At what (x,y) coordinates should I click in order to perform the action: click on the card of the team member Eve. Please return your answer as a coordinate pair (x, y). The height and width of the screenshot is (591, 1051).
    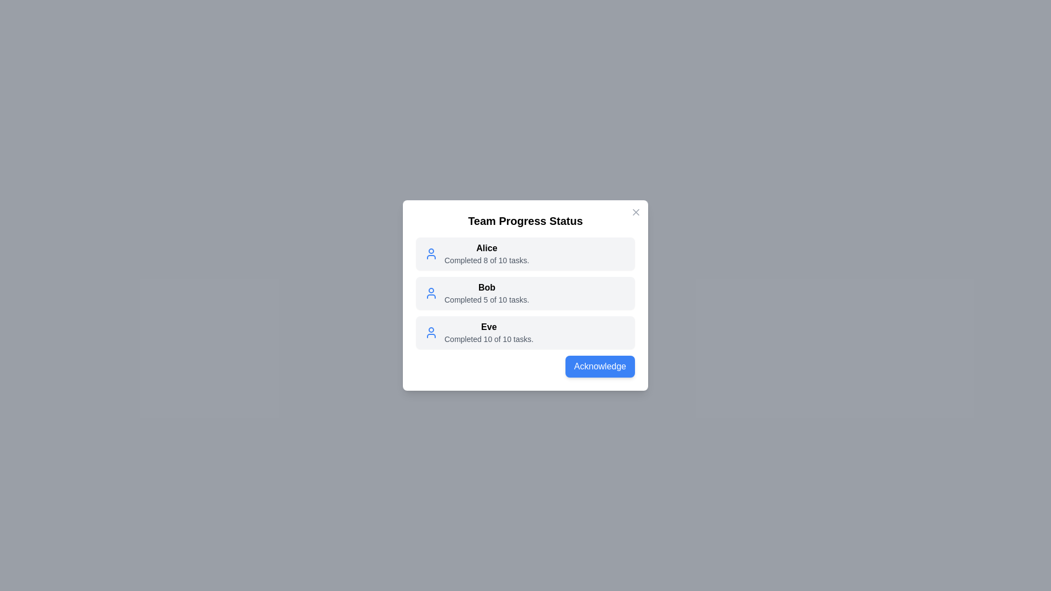
    Looking at the image, I should click on (525, 332).